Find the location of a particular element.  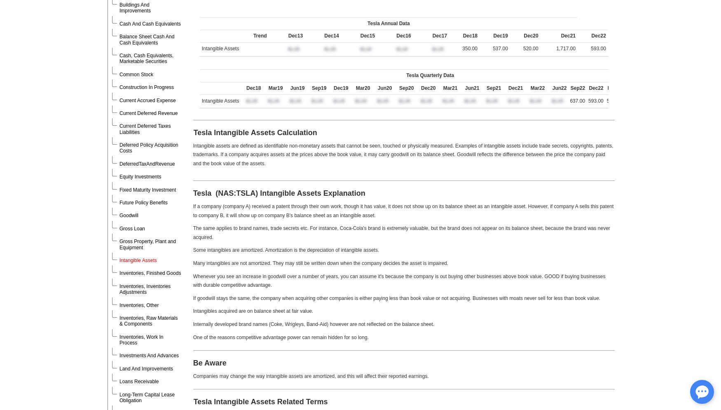

'One of the reasons competitive advantage power can remain hidden for so long.' is located at coordinates (280, 336).